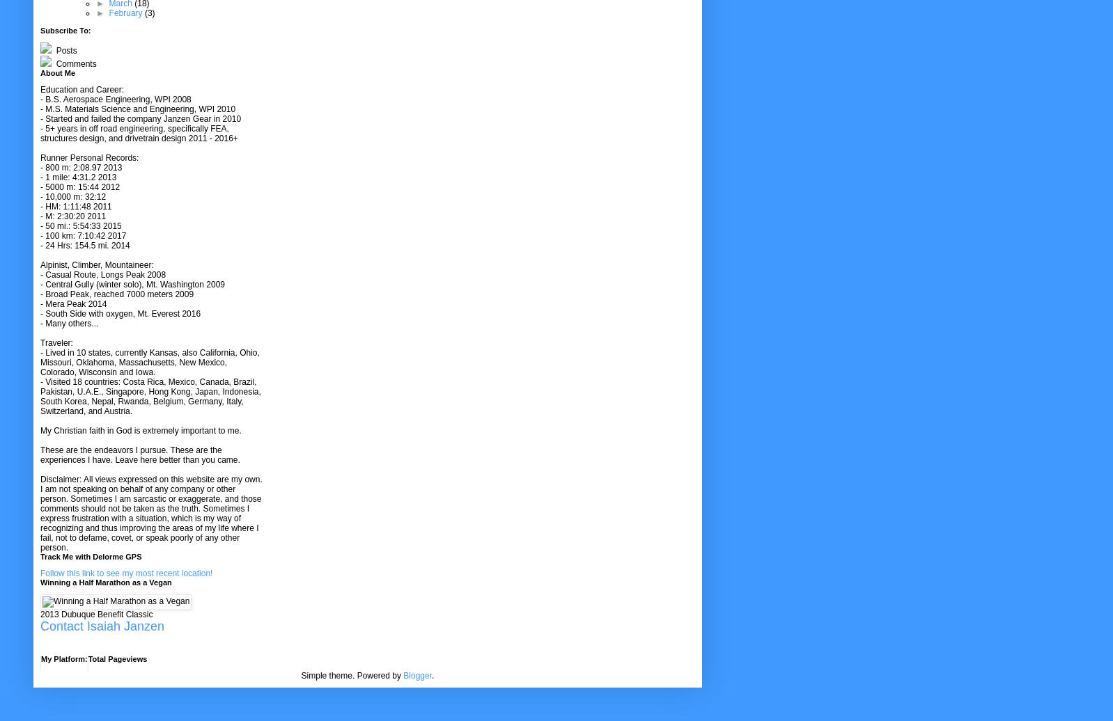 This screenshot has width=1113, height=721. Describe the element at coordinates (82, 235) in the screenshot. I see `'- 100 km: 7:10:42 2017'` at that location.